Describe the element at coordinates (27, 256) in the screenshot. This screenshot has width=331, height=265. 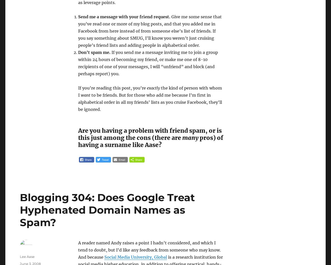
I see `'Lee Aase'` at that location.